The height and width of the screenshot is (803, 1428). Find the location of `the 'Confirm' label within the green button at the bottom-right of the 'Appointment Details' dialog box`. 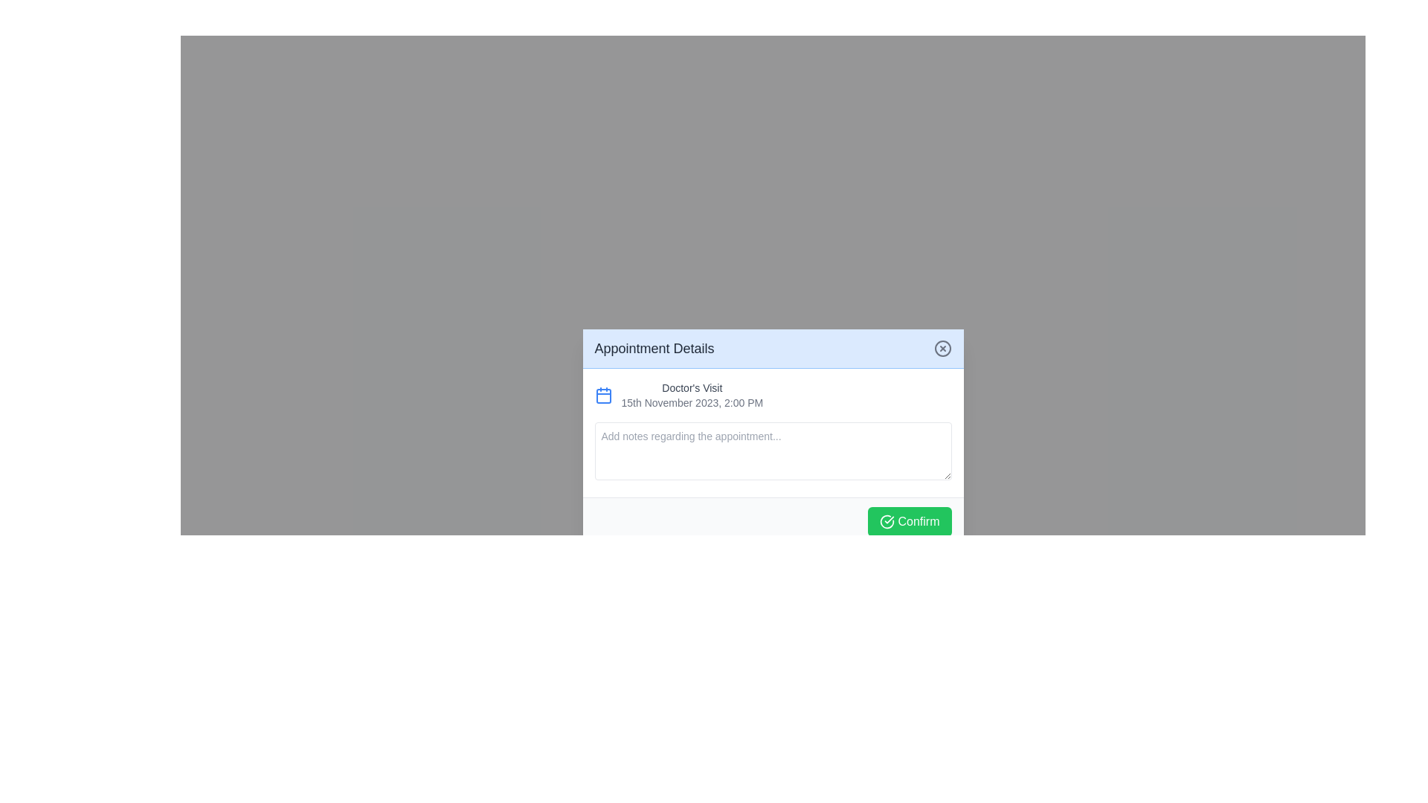

the 'Confirm' label within the green button at the bottom-right of the 'Appointment Details' dialog box is located at coordinates (918, 520).